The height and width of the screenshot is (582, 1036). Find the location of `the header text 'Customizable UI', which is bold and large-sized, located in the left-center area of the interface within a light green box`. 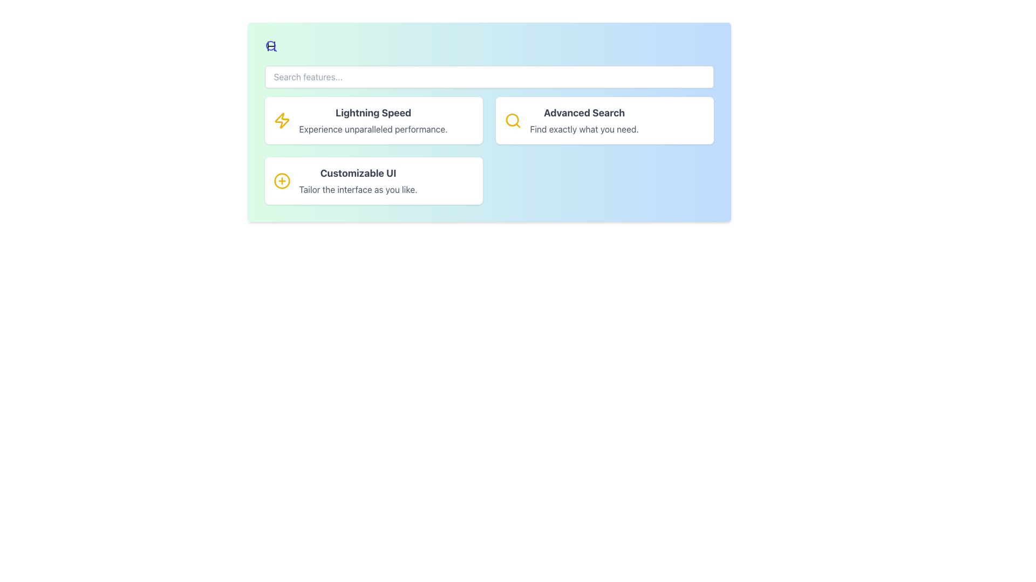

the header text 'Customizable UI', which is bold and large-sized, located in the left-center area of the interface within a light green box is located at coordinates (358, 172).